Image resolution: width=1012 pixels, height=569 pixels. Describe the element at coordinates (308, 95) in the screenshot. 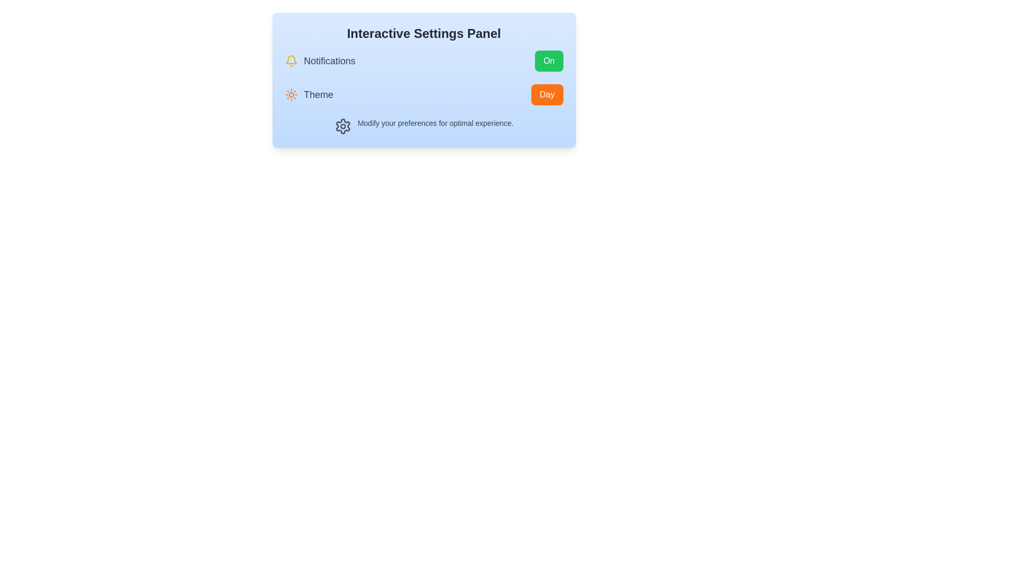

I see `label indicating the theme selection option in the settings panel for additional information` at that location.